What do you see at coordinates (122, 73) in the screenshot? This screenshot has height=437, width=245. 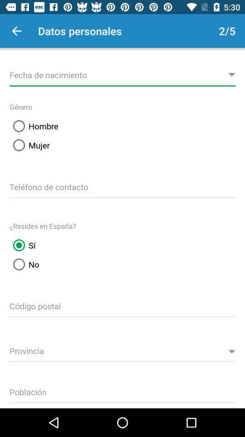 I see `name` at bounding box center [122, 73].